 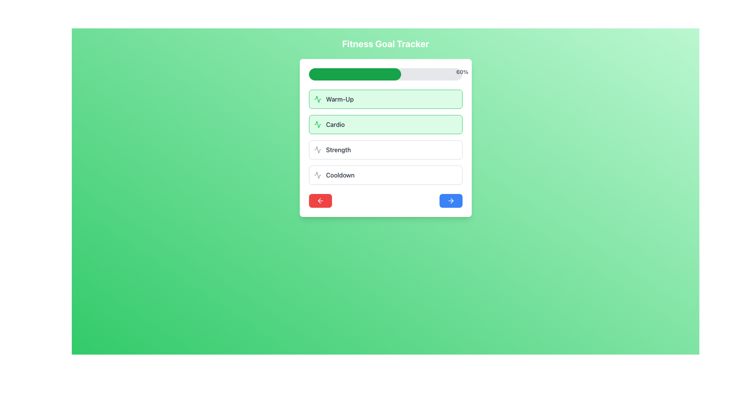 I want to click on the 'Cardio' button, which is the second item in a vertical list of exercise options, so click(x=385, y=137).